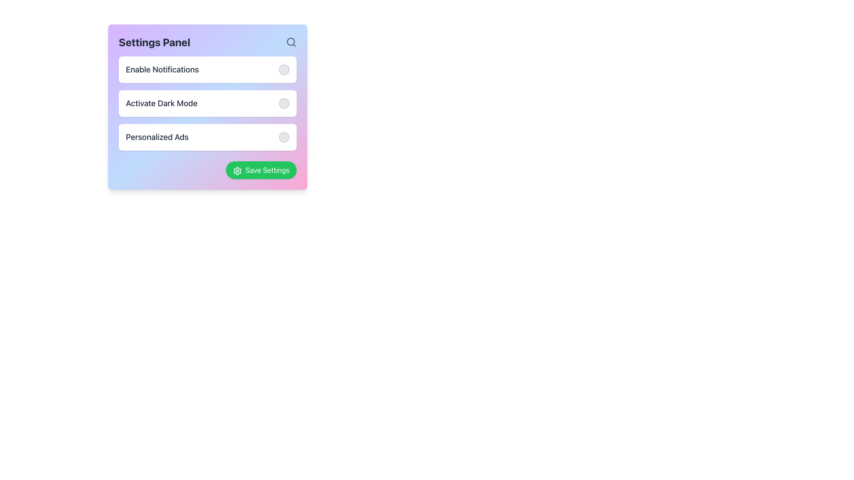 The image size is (854, 480). Describe the element at coordinates (290, 41) in the screenshot. I see `the circular graphical component of the search icon located in the top-right corner of the settings panel` at that location.